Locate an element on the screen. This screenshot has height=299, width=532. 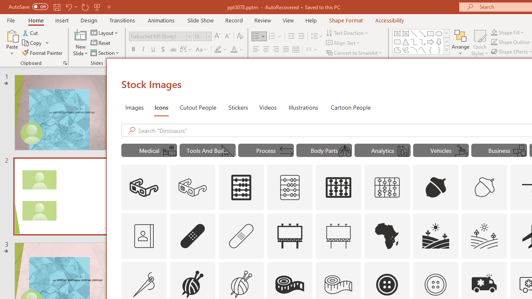
'AutomationID: Icons_AdhesiveBandage_M' is located at coordinates (241, 236).